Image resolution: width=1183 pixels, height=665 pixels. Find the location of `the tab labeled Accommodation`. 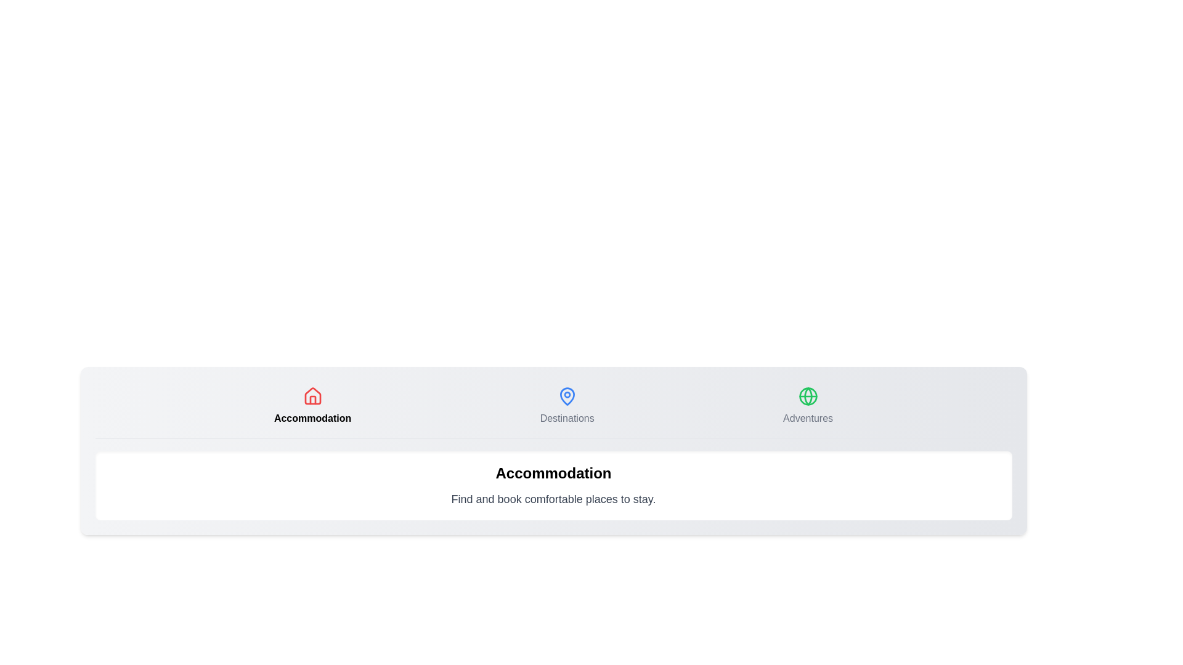

the tab labeled Accommodation is located at coordinates (312, 406).